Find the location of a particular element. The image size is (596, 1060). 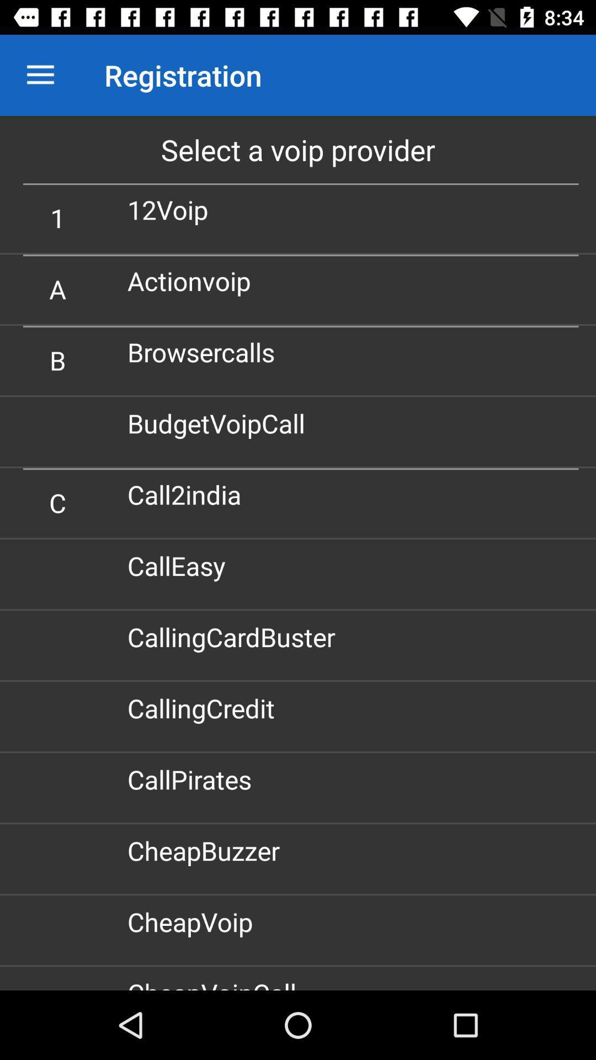

icon to the right of the c item is located at coordinates (188, 494).